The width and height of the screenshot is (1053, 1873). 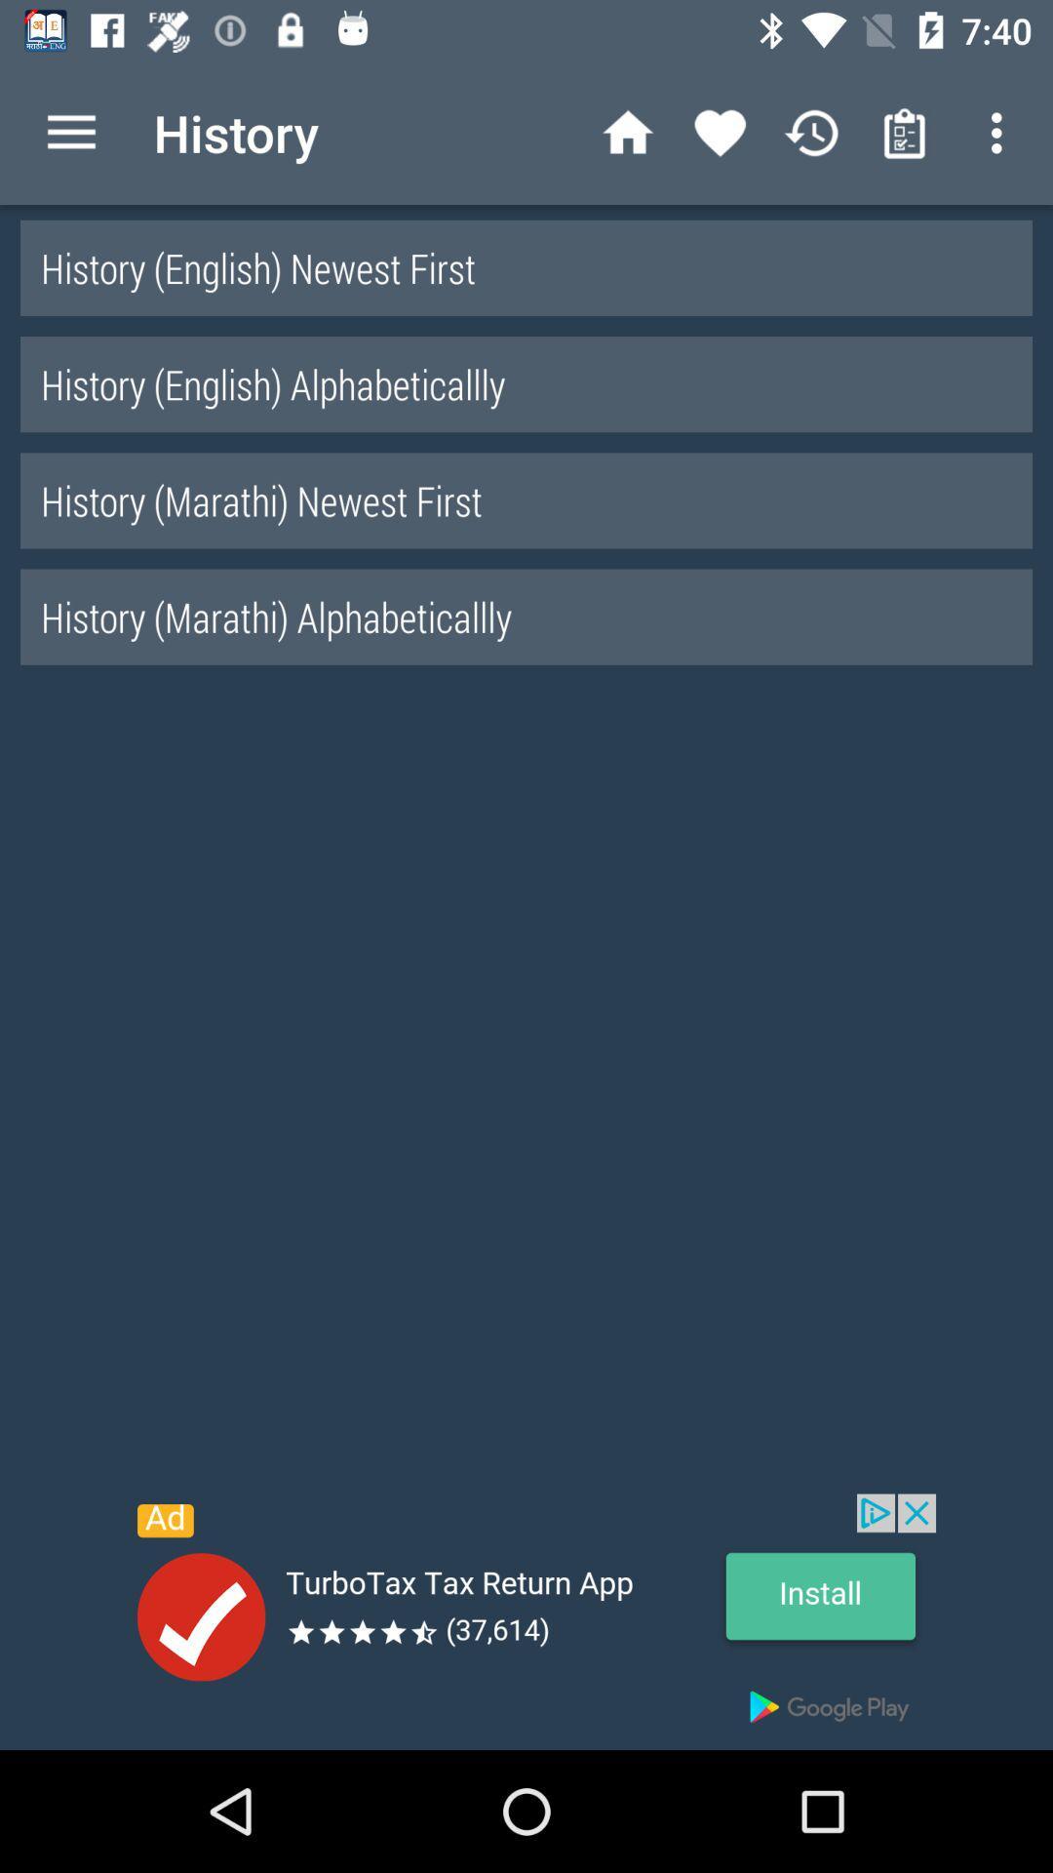 What do you see at coordinates (526, 500) in the screenshot?
I see `the second last line text at bottom of the page` at bounding box center [526, 500].